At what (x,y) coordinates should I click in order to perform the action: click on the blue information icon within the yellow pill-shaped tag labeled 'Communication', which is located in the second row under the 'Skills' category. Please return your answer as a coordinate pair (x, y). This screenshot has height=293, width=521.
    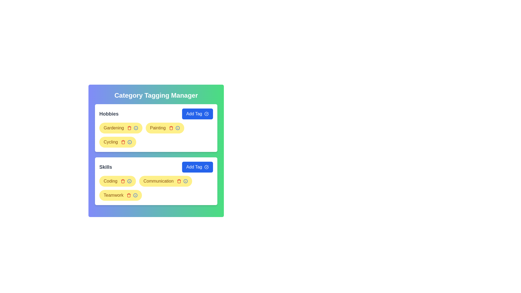
    Looking at the image, I should click on (185, 181).